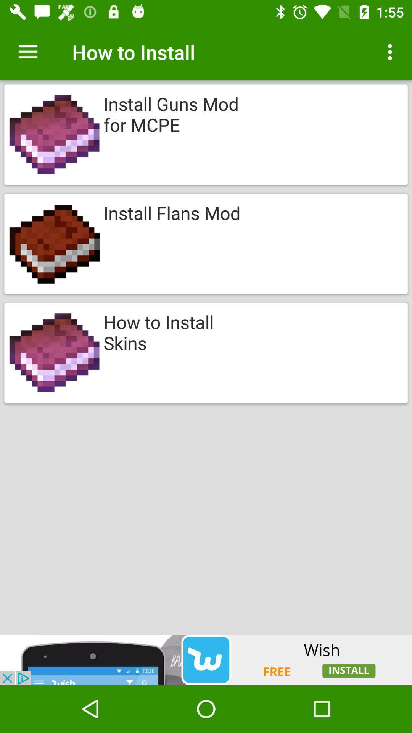 This screenshot has height=733, width=412. Describe the element at coordinates (206, 243) in the screenshot. I see `the second category in how to install` at that location.